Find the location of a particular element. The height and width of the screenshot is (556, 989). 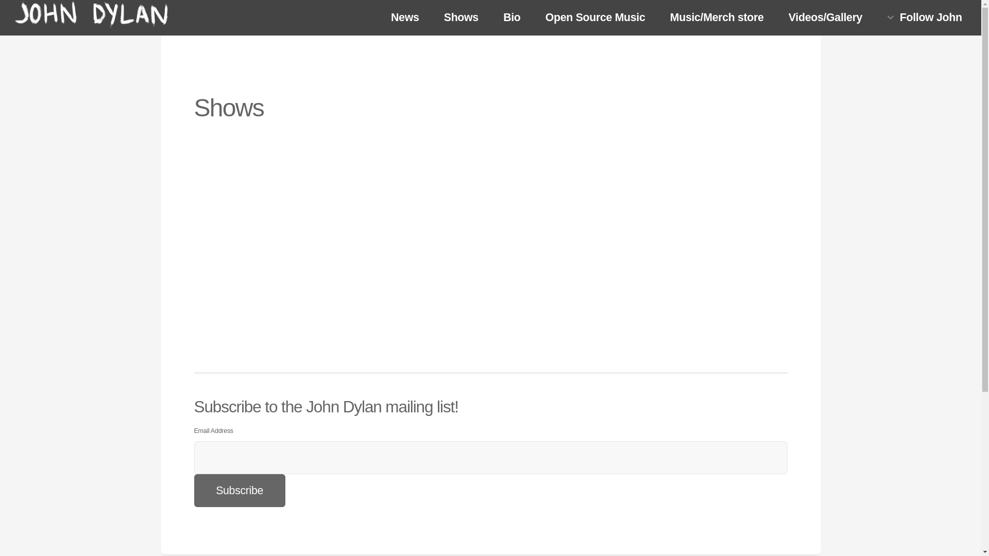

'Open Source Music' is located at coordinates (595, 18).